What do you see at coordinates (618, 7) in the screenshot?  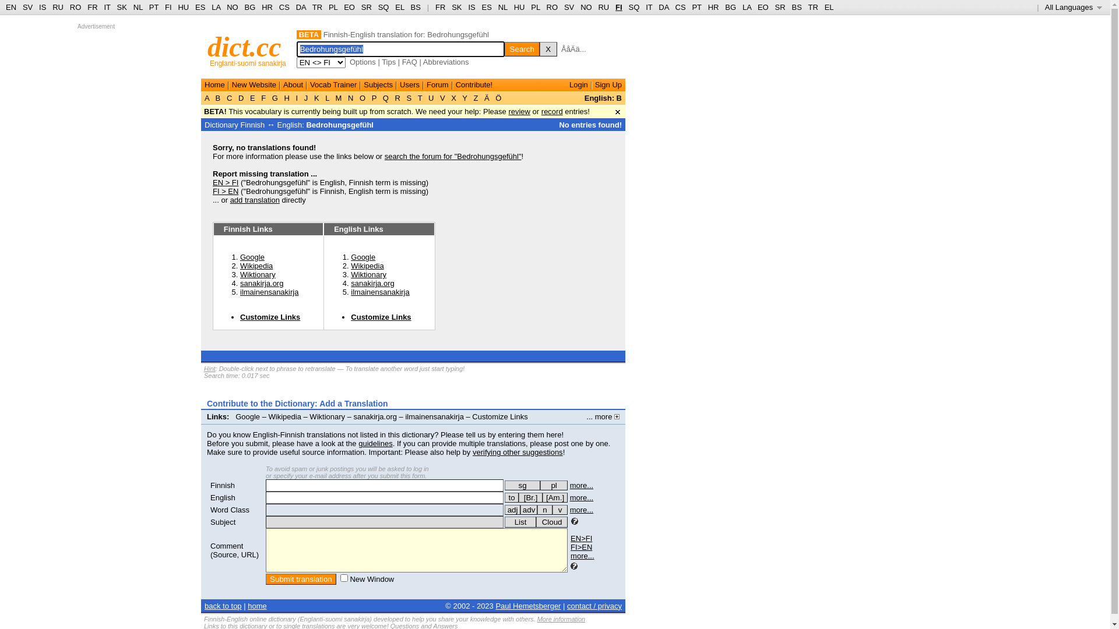 I see `'FI'` at bounding box center [618, 7].